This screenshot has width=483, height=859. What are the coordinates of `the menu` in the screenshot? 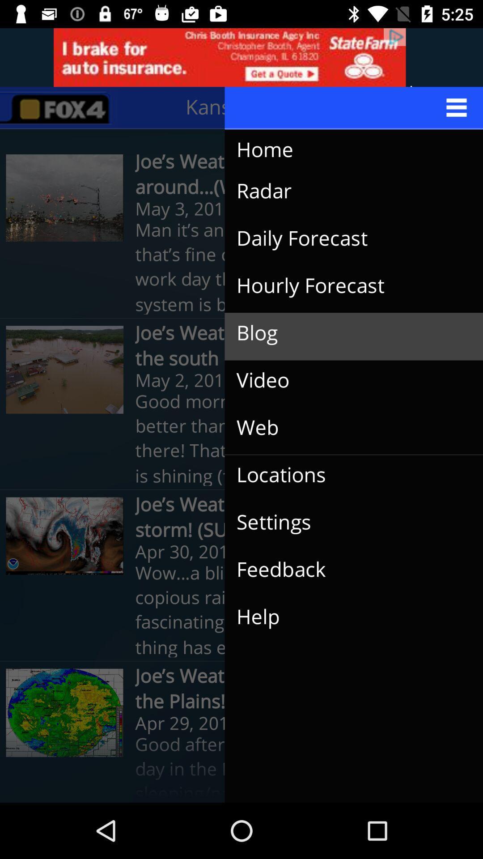 It's located at (353, 107).